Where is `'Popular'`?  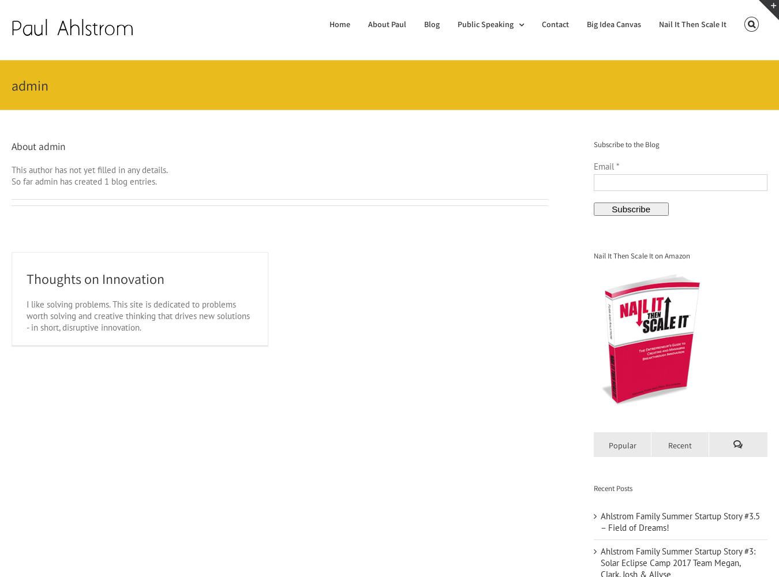
'Popular' is located at coordinates (623, 445).